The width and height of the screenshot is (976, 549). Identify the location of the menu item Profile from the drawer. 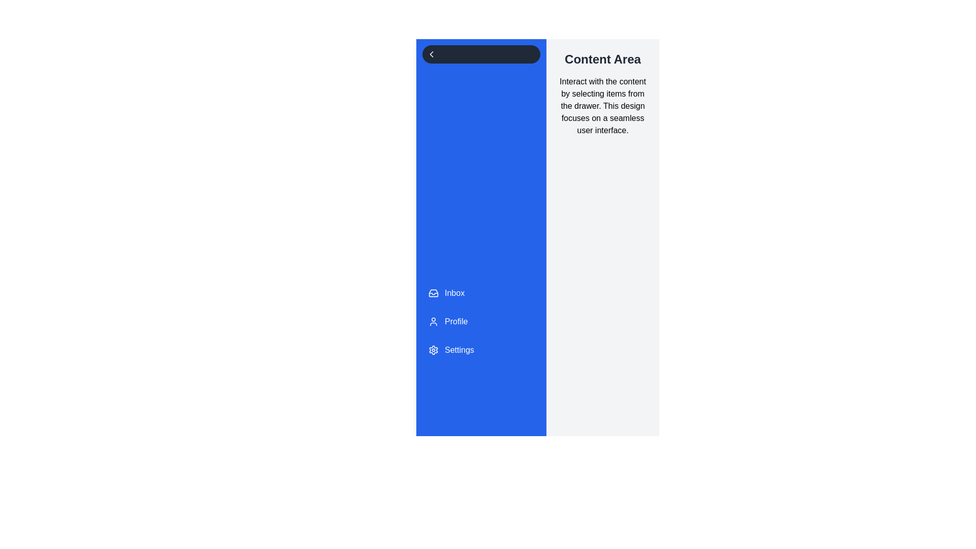
(480, 321).